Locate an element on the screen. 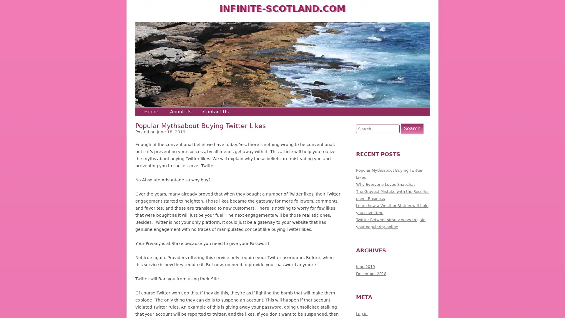 The image size is (565, 318). Search is located at coordinates (412, 128).